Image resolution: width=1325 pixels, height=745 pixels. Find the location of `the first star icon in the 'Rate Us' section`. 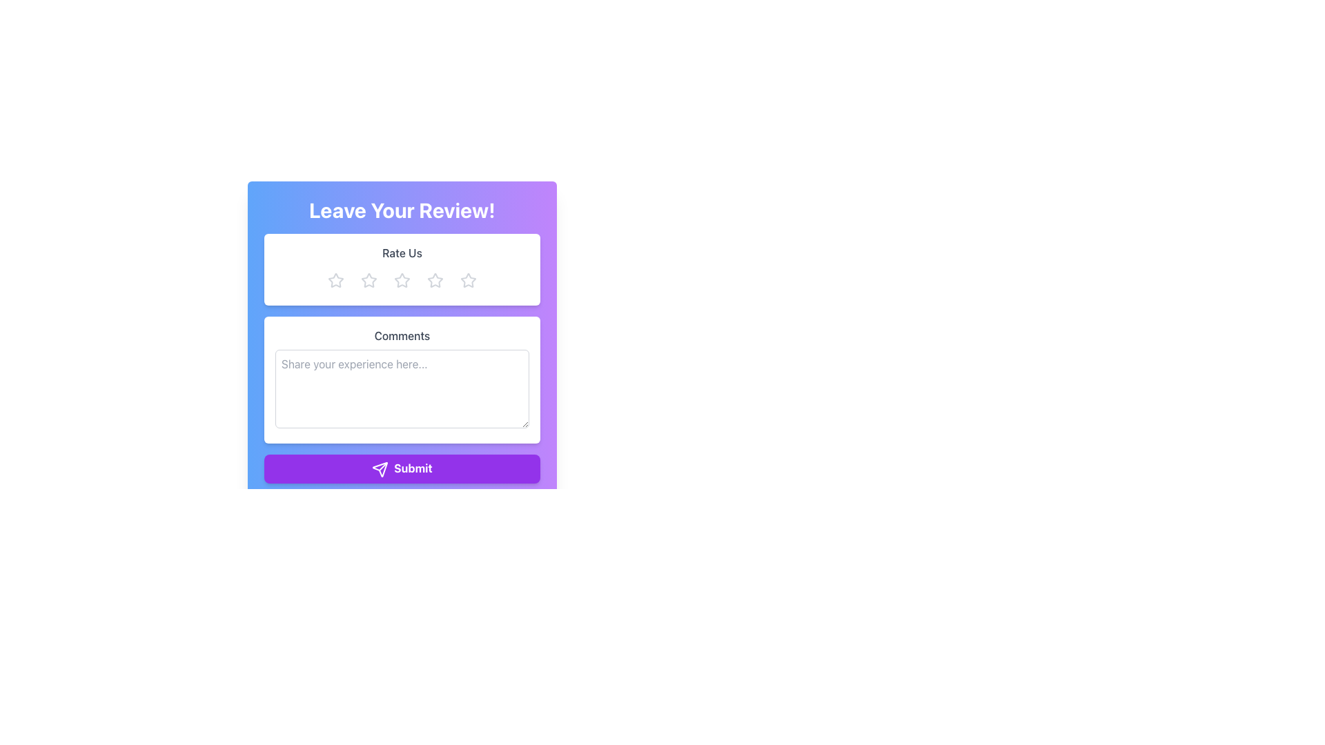

the first star icon in the 'Rate Us' section is located at coordinates (369, 279).